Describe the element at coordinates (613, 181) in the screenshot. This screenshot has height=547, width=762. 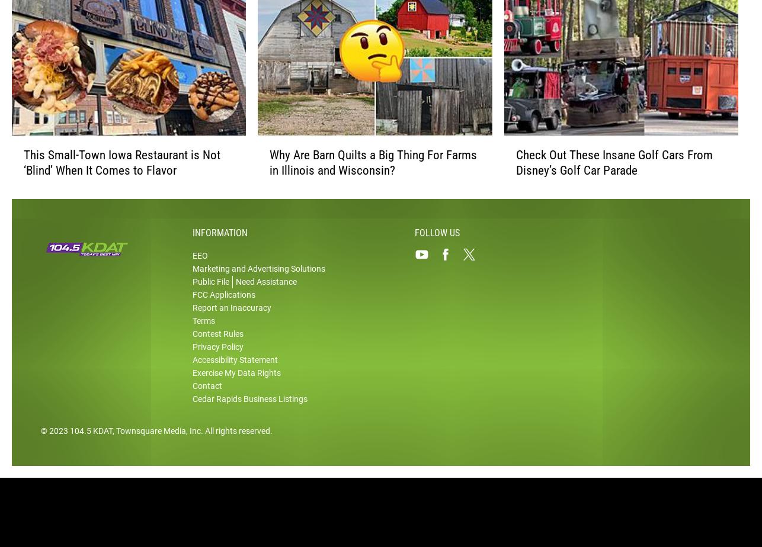
I see `'Check Out These Insane Golf Cars From Disney’s Golf Car Parade'` at that location.